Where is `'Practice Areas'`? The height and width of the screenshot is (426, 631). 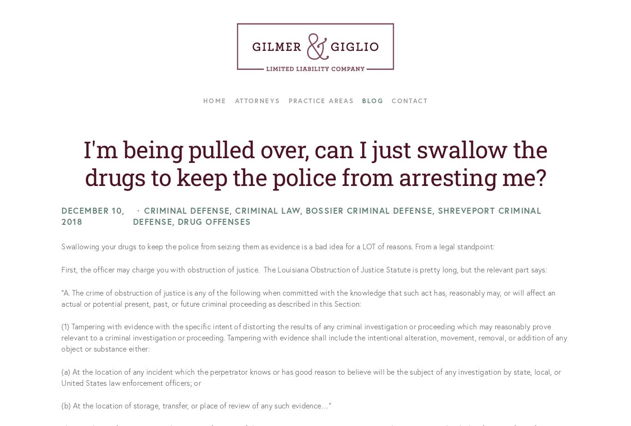
'Practice Areas' is located at coordinates (321, 100).